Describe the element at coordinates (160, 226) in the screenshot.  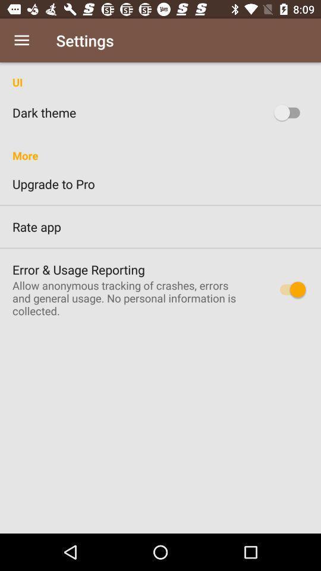
I see `rate app item` at that location.